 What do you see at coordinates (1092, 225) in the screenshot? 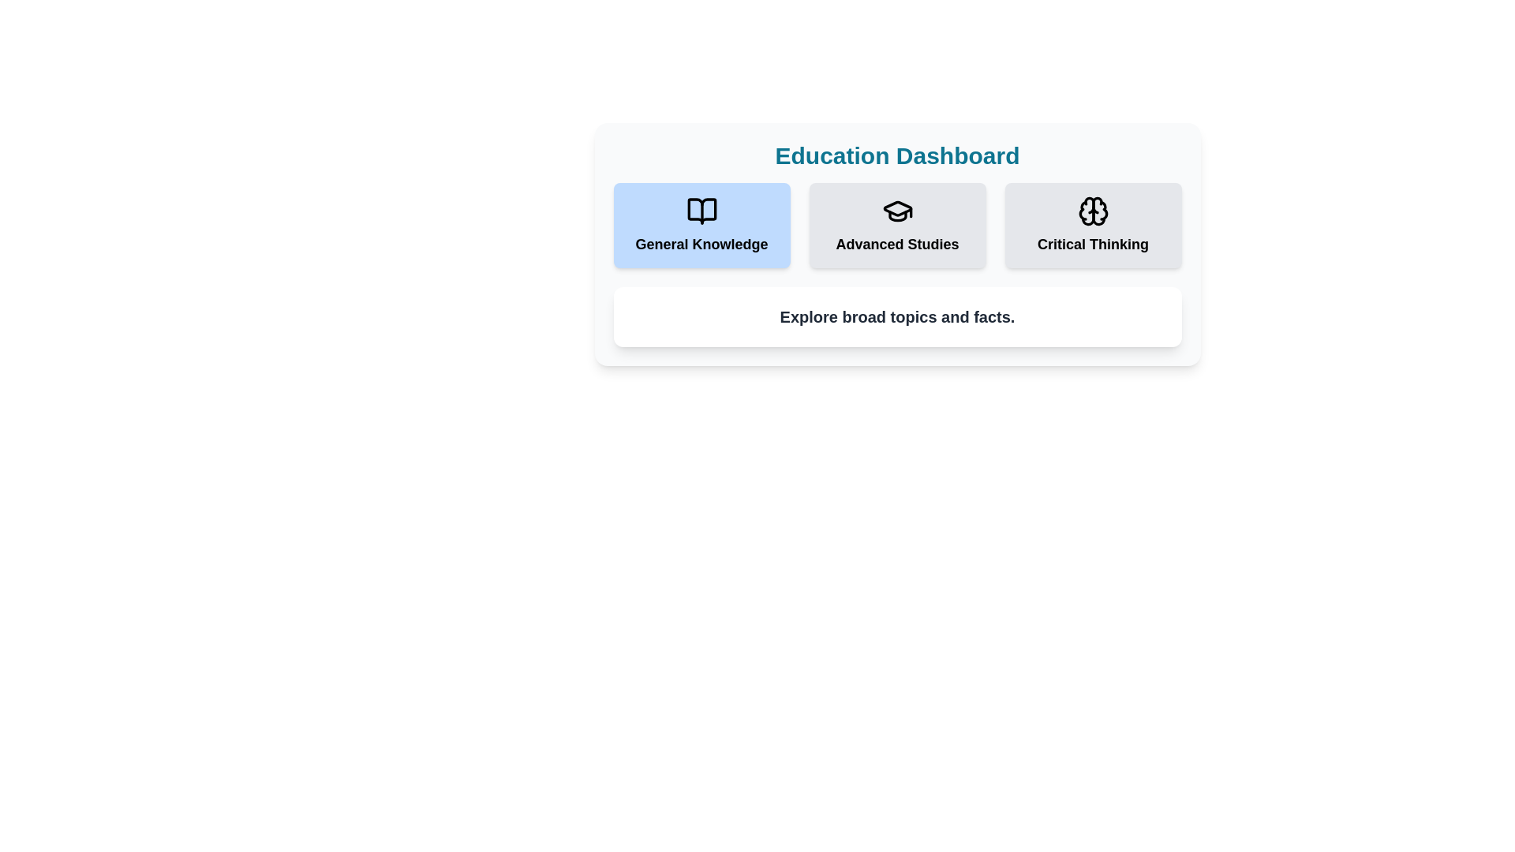
I see `the category Critical Thinking by clicking its corresponding button` at bounding box center [1092, 225].